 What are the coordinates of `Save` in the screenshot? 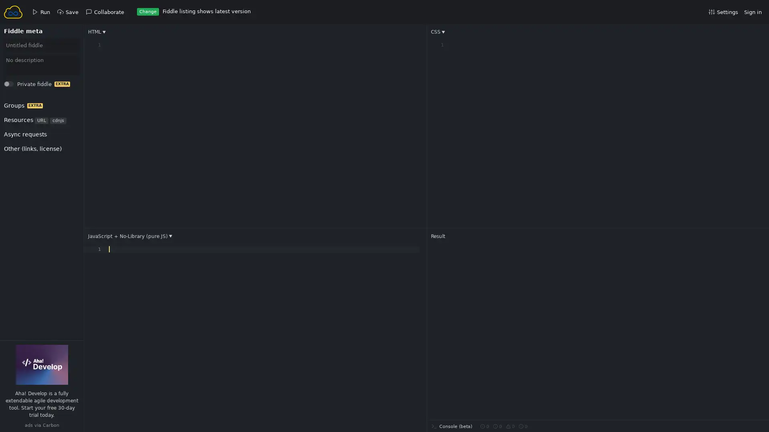 It's located at (17, 86).